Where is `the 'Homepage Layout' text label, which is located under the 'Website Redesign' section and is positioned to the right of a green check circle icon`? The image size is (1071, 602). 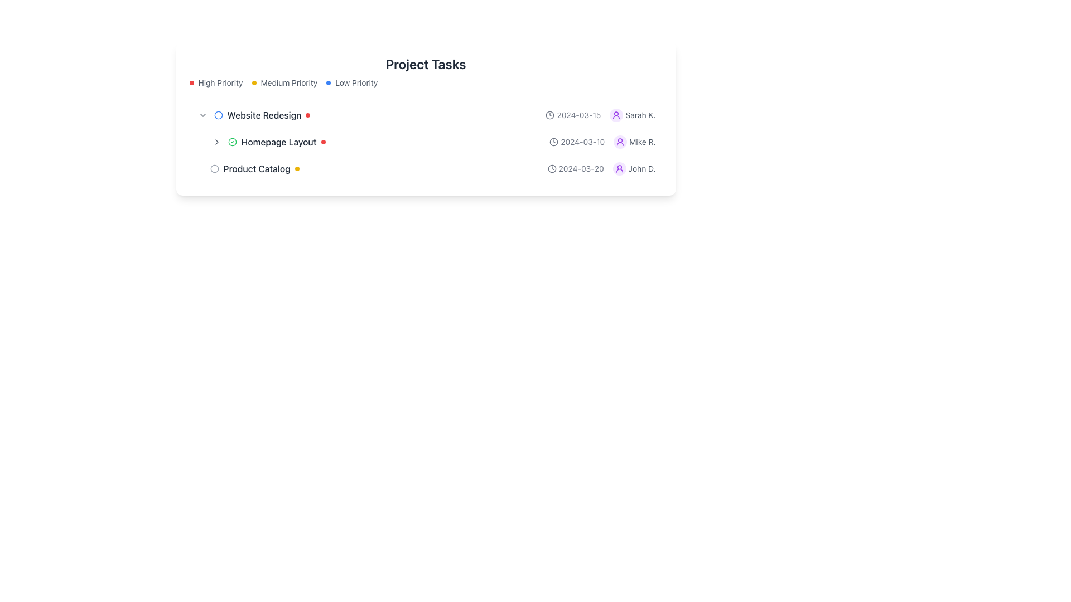 the 'Homepage Layout' text label, which is located under the 'Website Redesign' section and is positioned to the right of a green check circle icon is located at coordinates (278, 141).